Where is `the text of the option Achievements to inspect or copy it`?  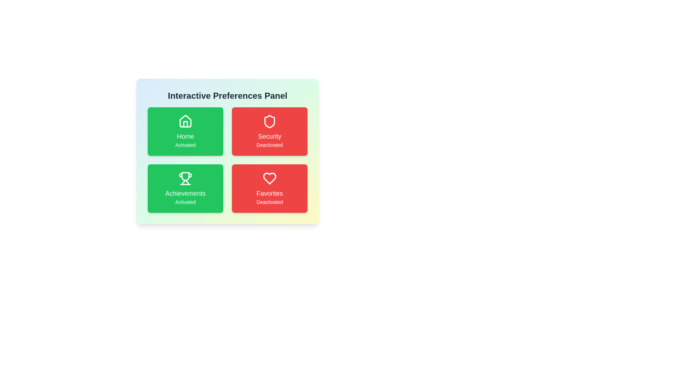
the text of the option Achievements to inspect or copy it is located at coordinates (185, 188).